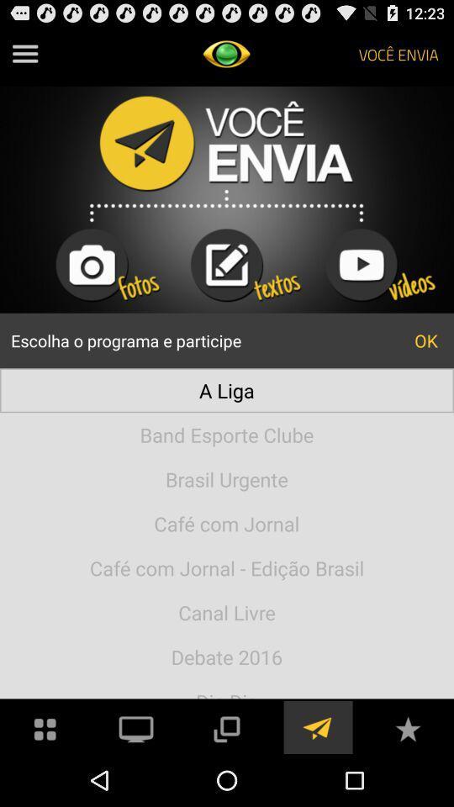 The image size is (454, 807). I want to click on the menu icon, so click(24, 57).